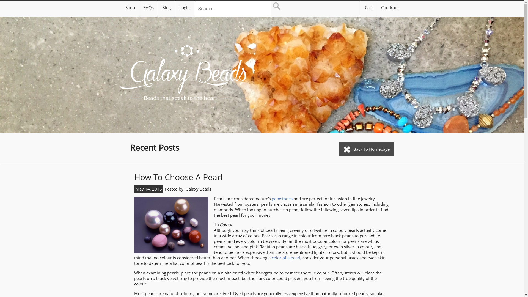 The height and width of the screenshot is (297, 528). I want to click on 'Checkout', so click(389, 9).